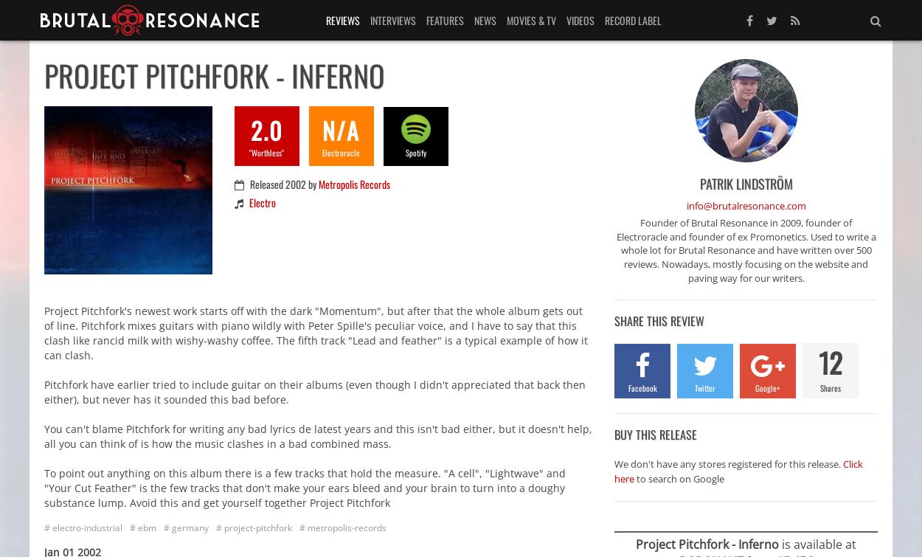 This screenshot has height=557, width=922. What do you see at coordinates (130, 526) in the screenshot?
I see `'# ebm'` at bounding box center [130, 526].